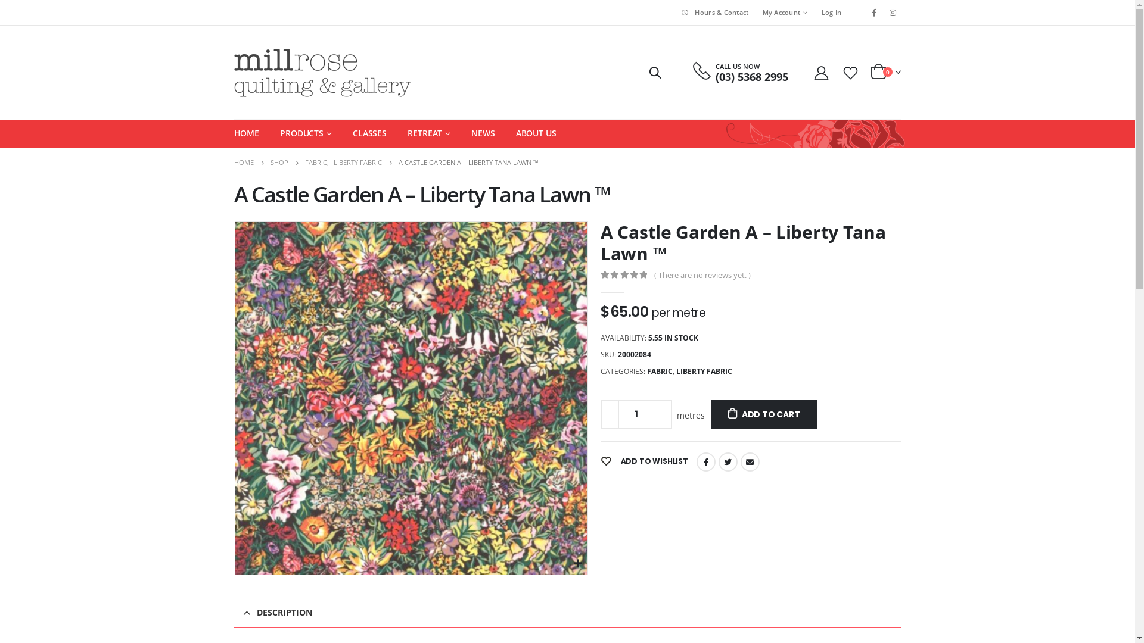 Image resolution: width=1144 pixels, height=643 pixels. I want to click on 'RETREAT', so click(408, 133).